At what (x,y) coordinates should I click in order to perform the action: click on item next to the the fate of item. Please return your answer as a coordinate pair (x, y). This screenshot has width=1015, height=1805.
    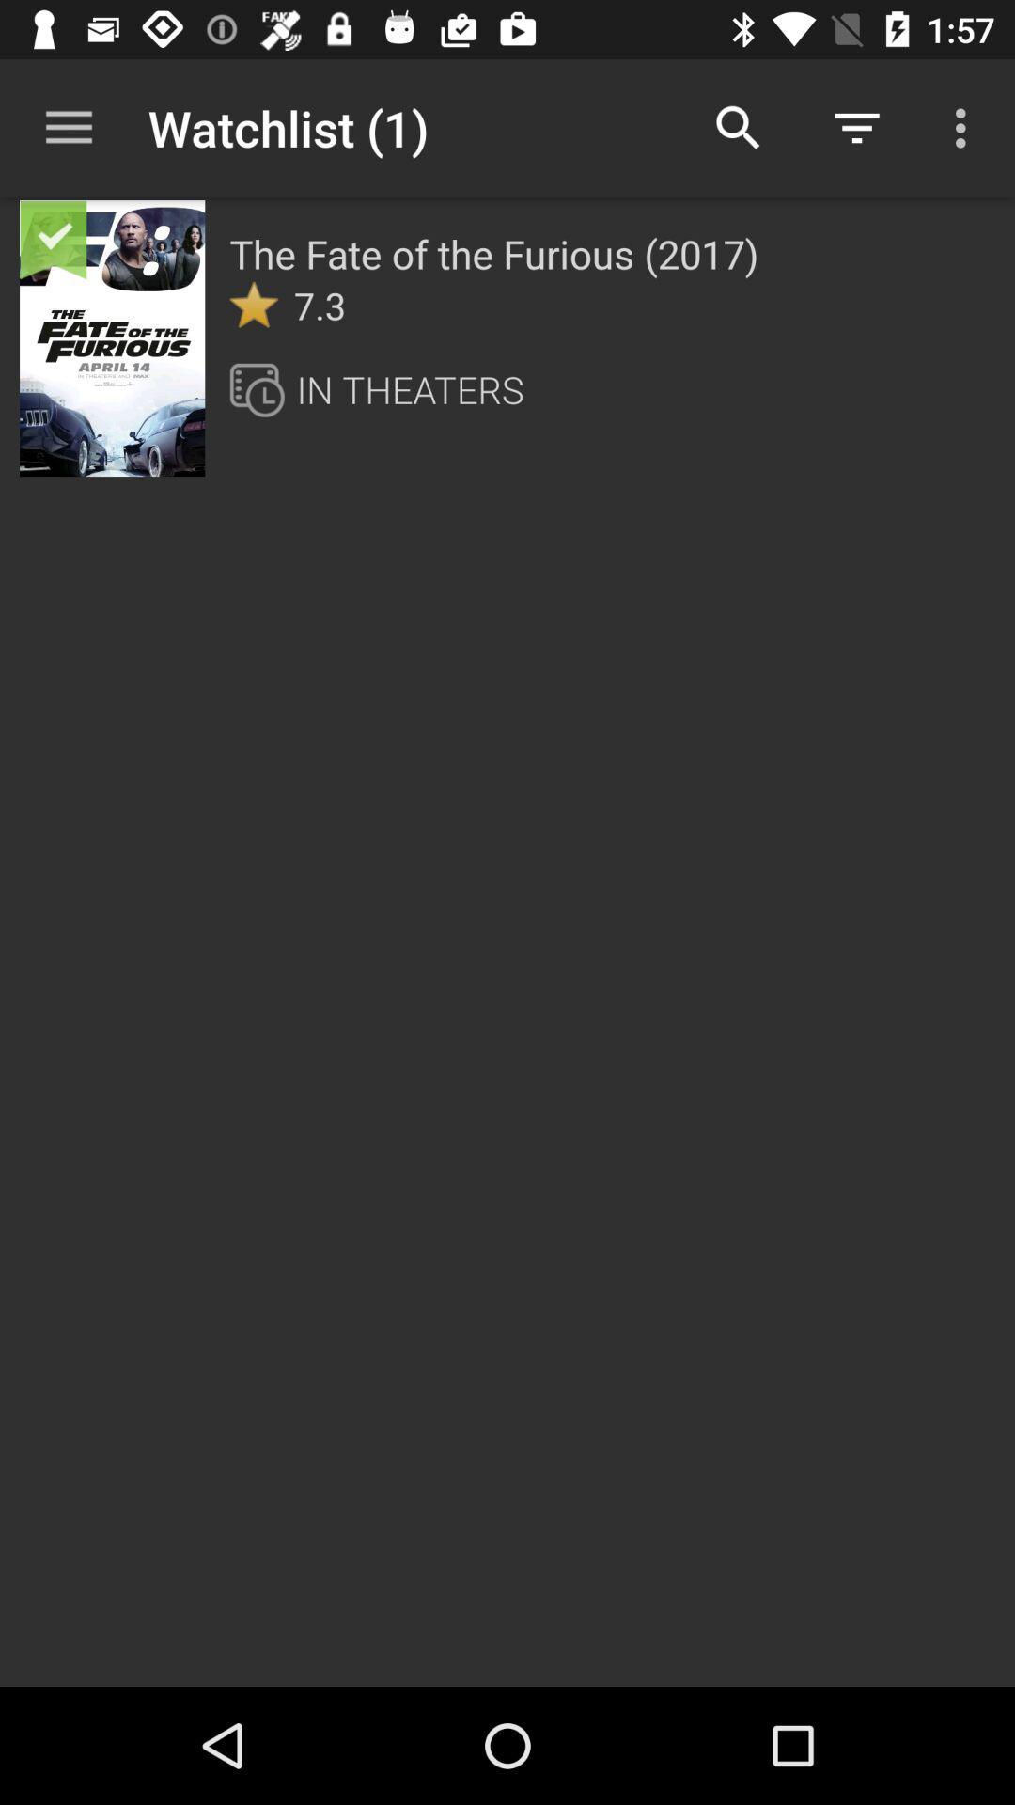
    Looking at the image, I should click on (165, 236).